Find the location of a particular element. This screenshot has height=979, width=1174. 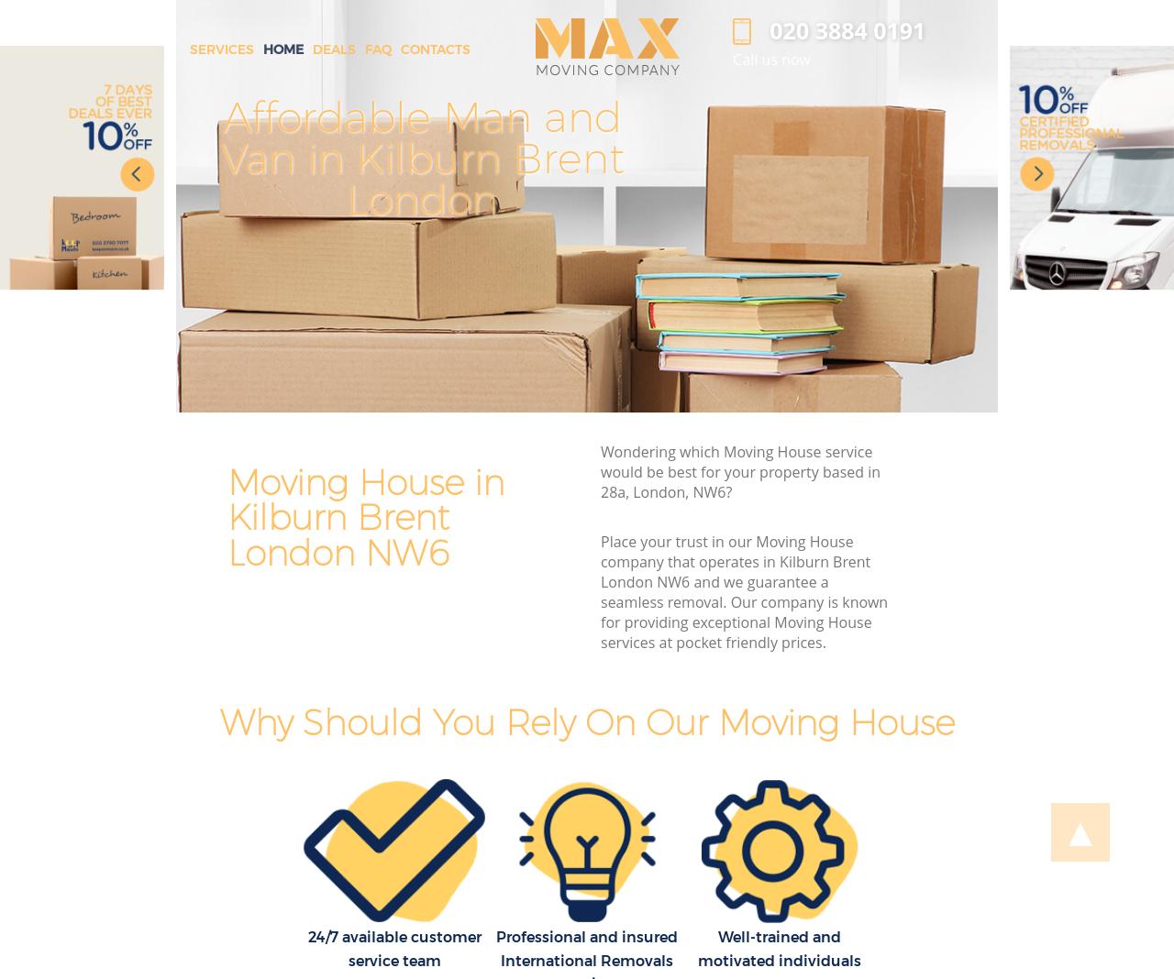

'Place your trust in our Moving House company that operates in Kilburn Brent London NW6 and we guarantee a seamless removal. Our company is known for providing exceptional Moving House services at pocket friendly prices.' is located at coordinates (744, 591).